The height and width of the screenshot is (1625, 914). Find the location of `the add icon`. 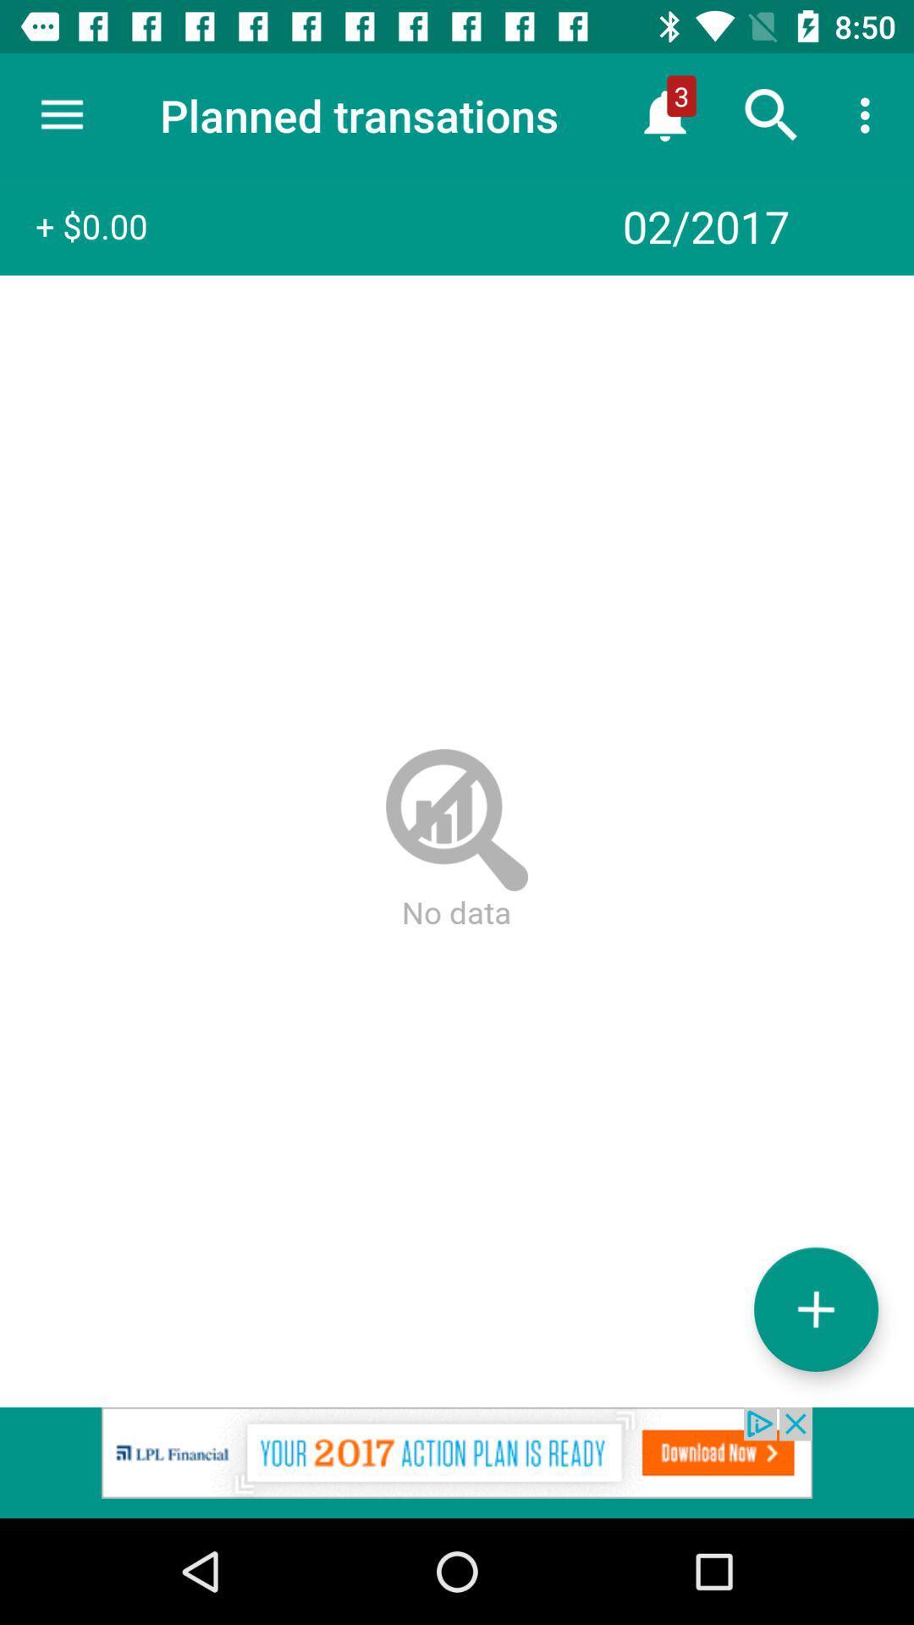

the add icon is located at coordinates (815, 1308).